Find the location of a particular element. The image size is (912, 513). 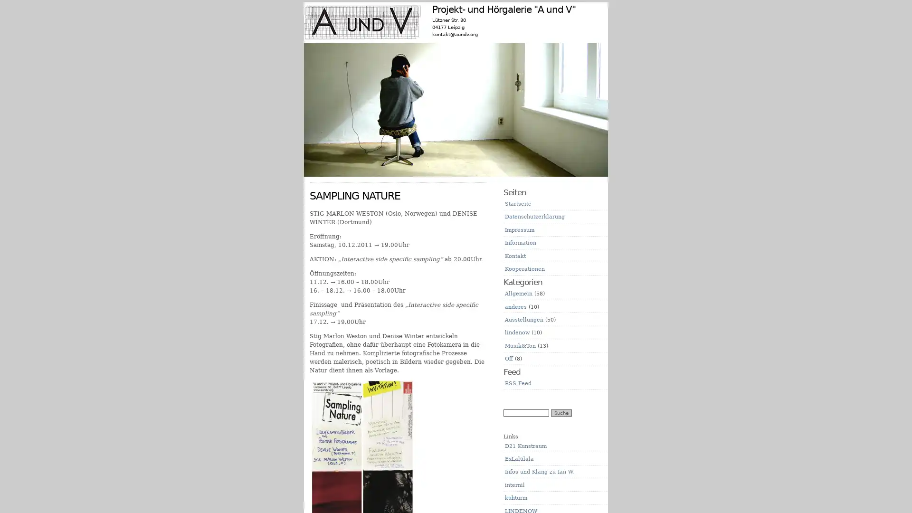

Suche is located at coordinates (561, 412).